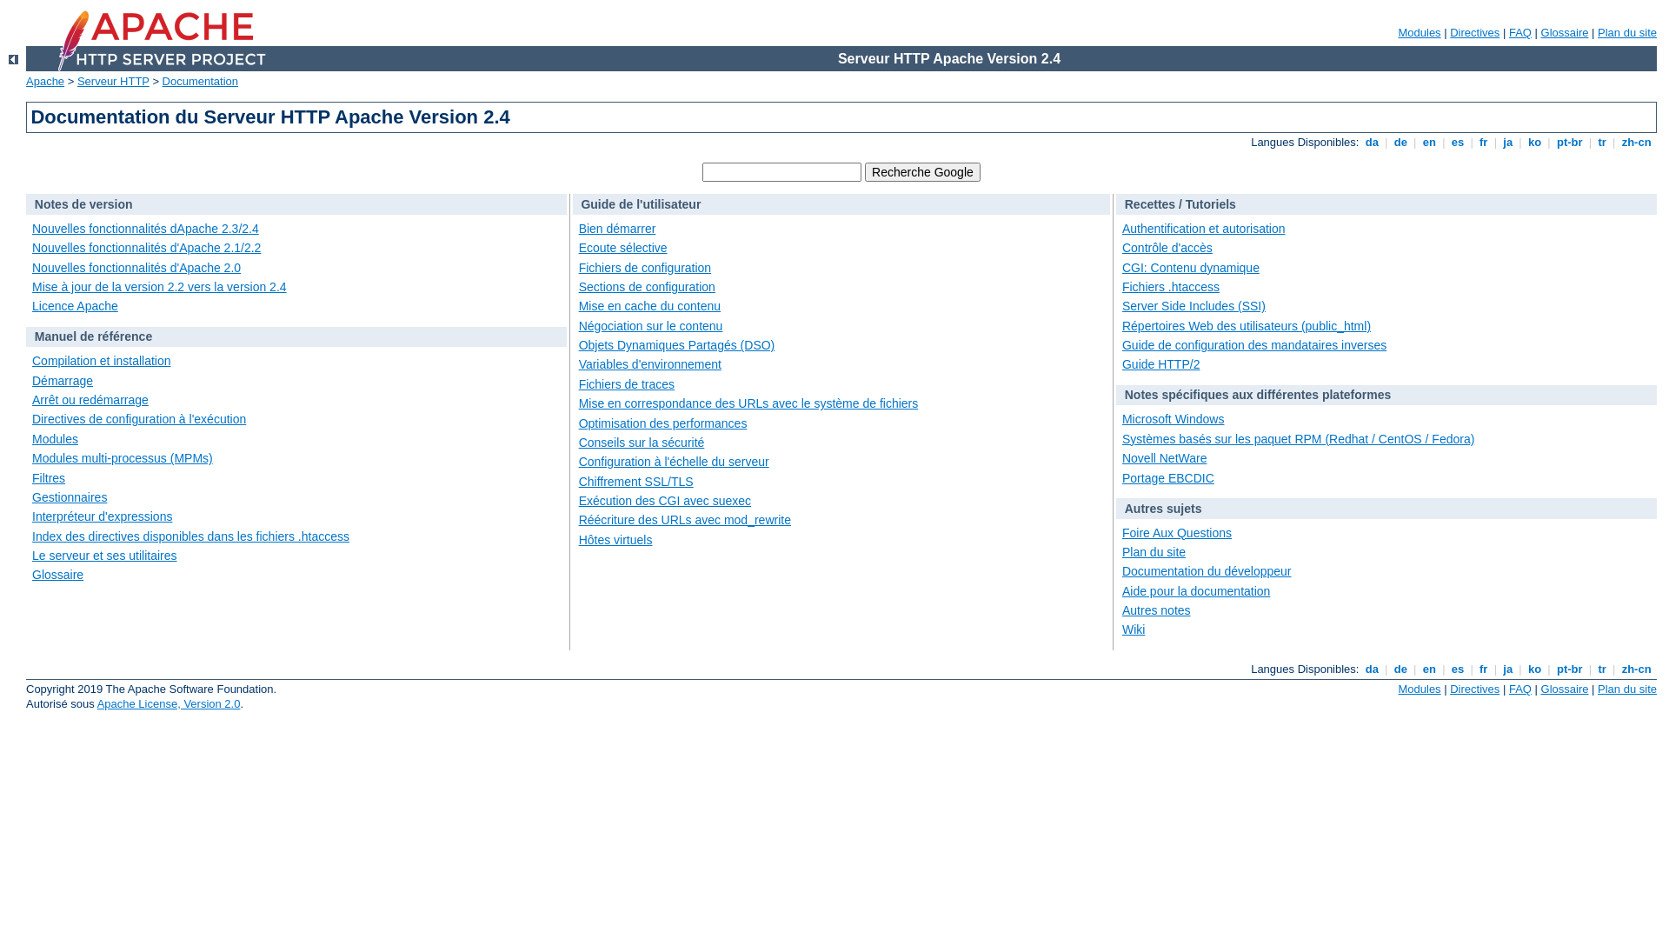 The width and height of the screenshot is (1669, 939). Describe the element at coordinates (1519, 32) in the screenshot. I see `'FAQ'` at that location.